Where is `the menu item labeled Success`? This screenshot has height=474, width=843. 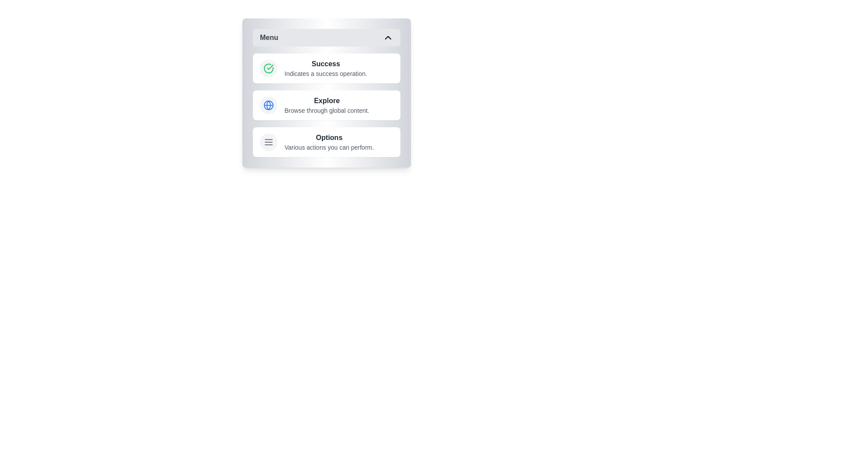
the menu item labeled Success is located at coordinates (326, 68).